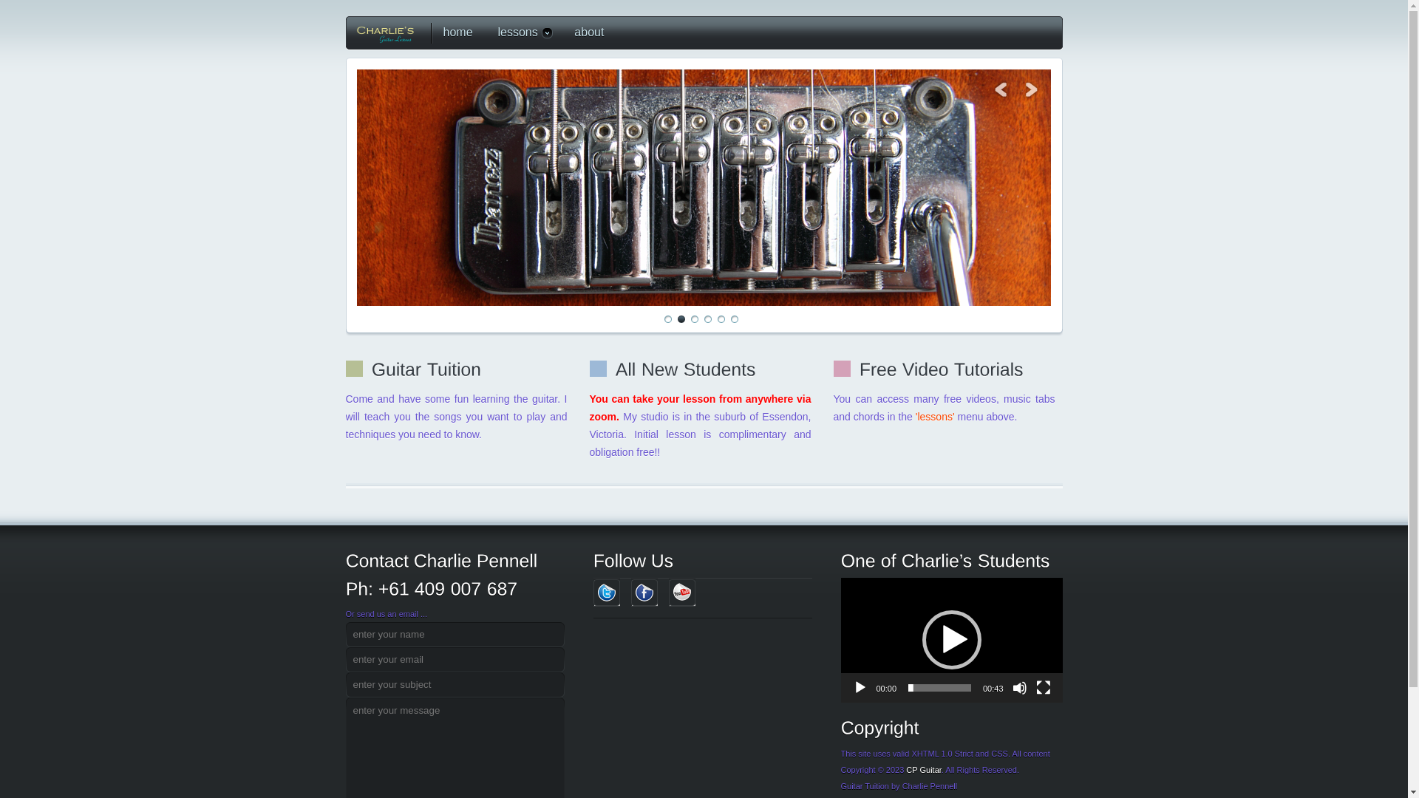  Describe the element at coordinates (453, 33) in the screenshot. I see `'home'` at that location.